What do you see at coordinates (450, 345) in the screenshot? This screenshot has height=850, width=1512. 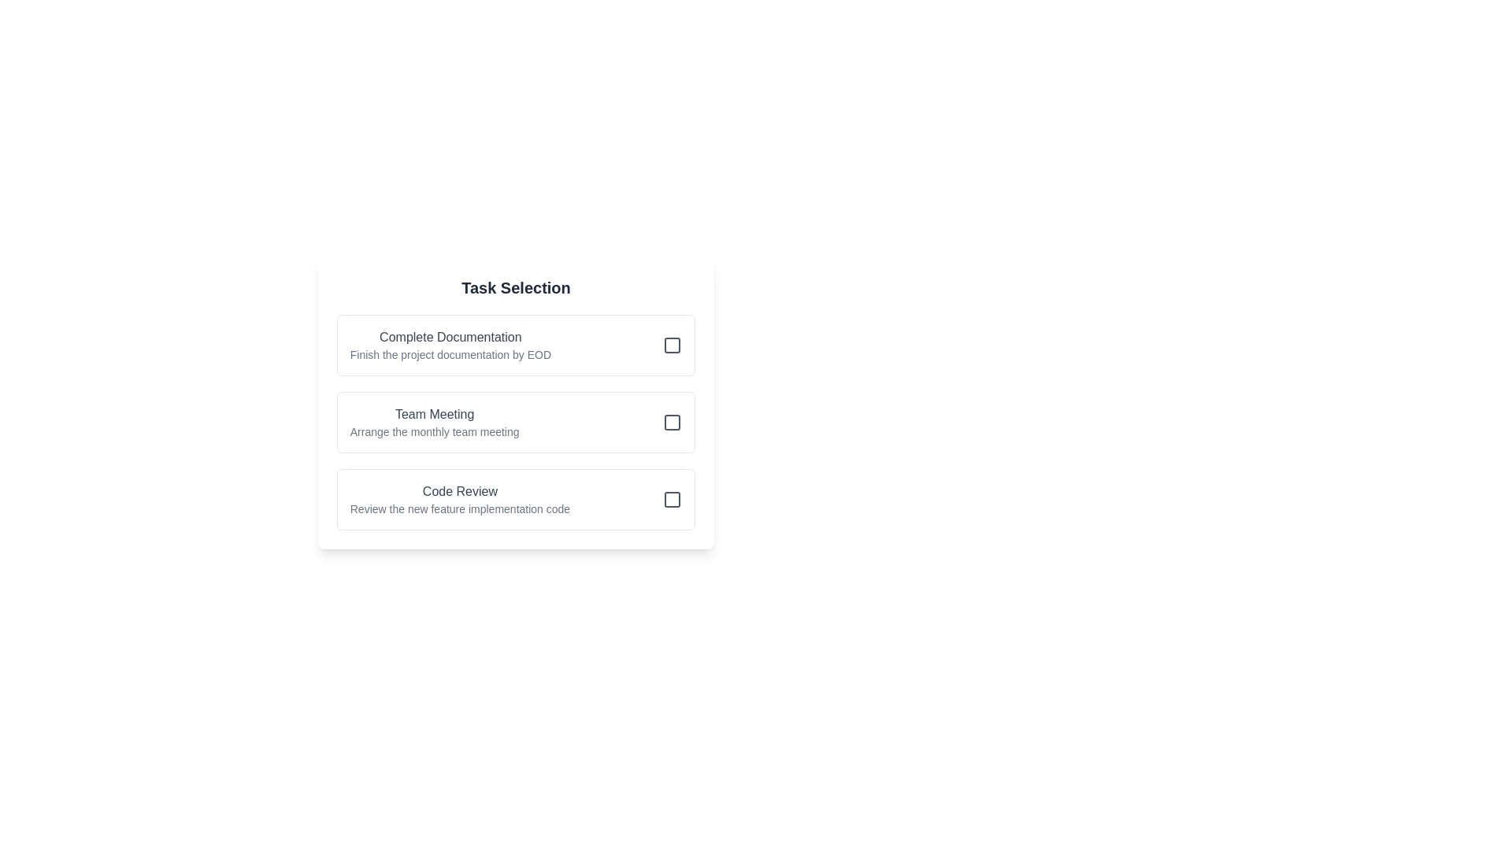 I see `the static text block that serves as the task title and description, positioned as the first item in a vertical list of tasks` at bounding box center [450, 345].